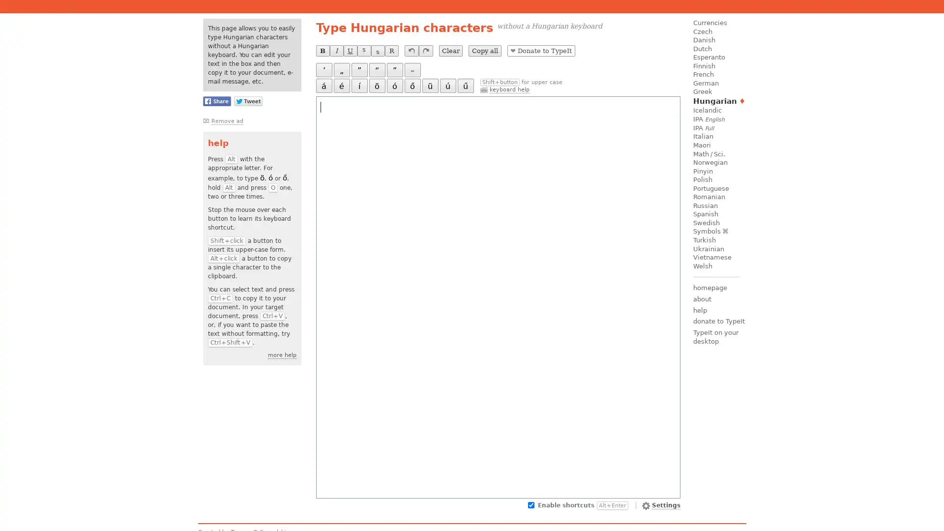 Image resolution: width=944 pixels, height=531 pixels. I want to click on S, so click(377, 51).